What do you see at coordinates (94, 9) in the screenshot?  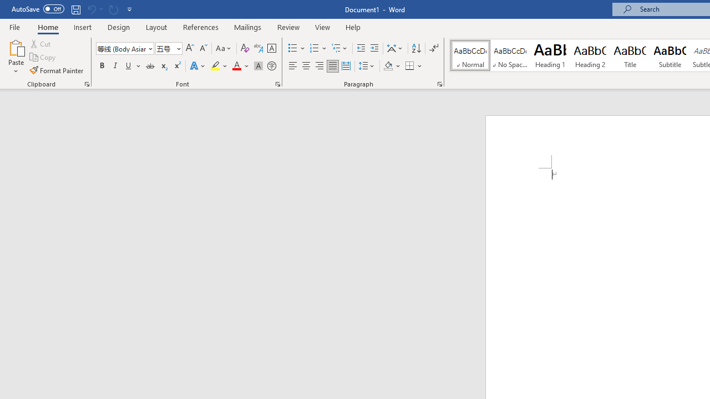 I see `'Can'` at bounding box center [94, 9].